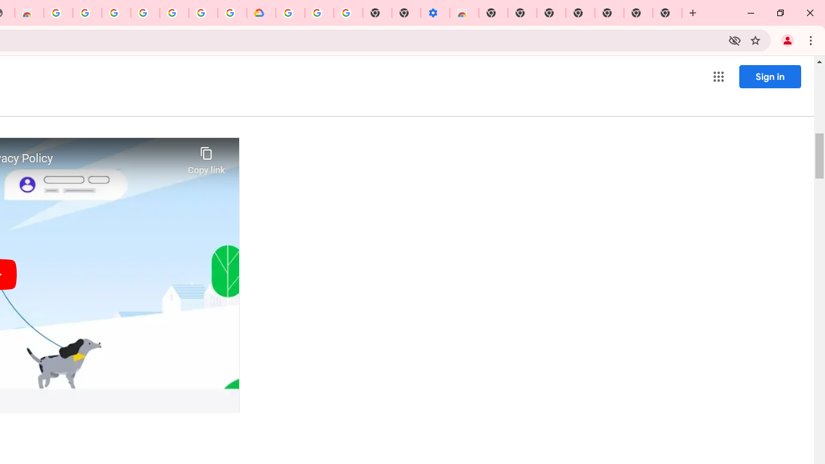 The height and width of the screenshot is (464, 825). What do you see at coordinates (435, 13) in the screenshot?
I see `'Settings - Accessibility'` at bounding box center [435, 13].